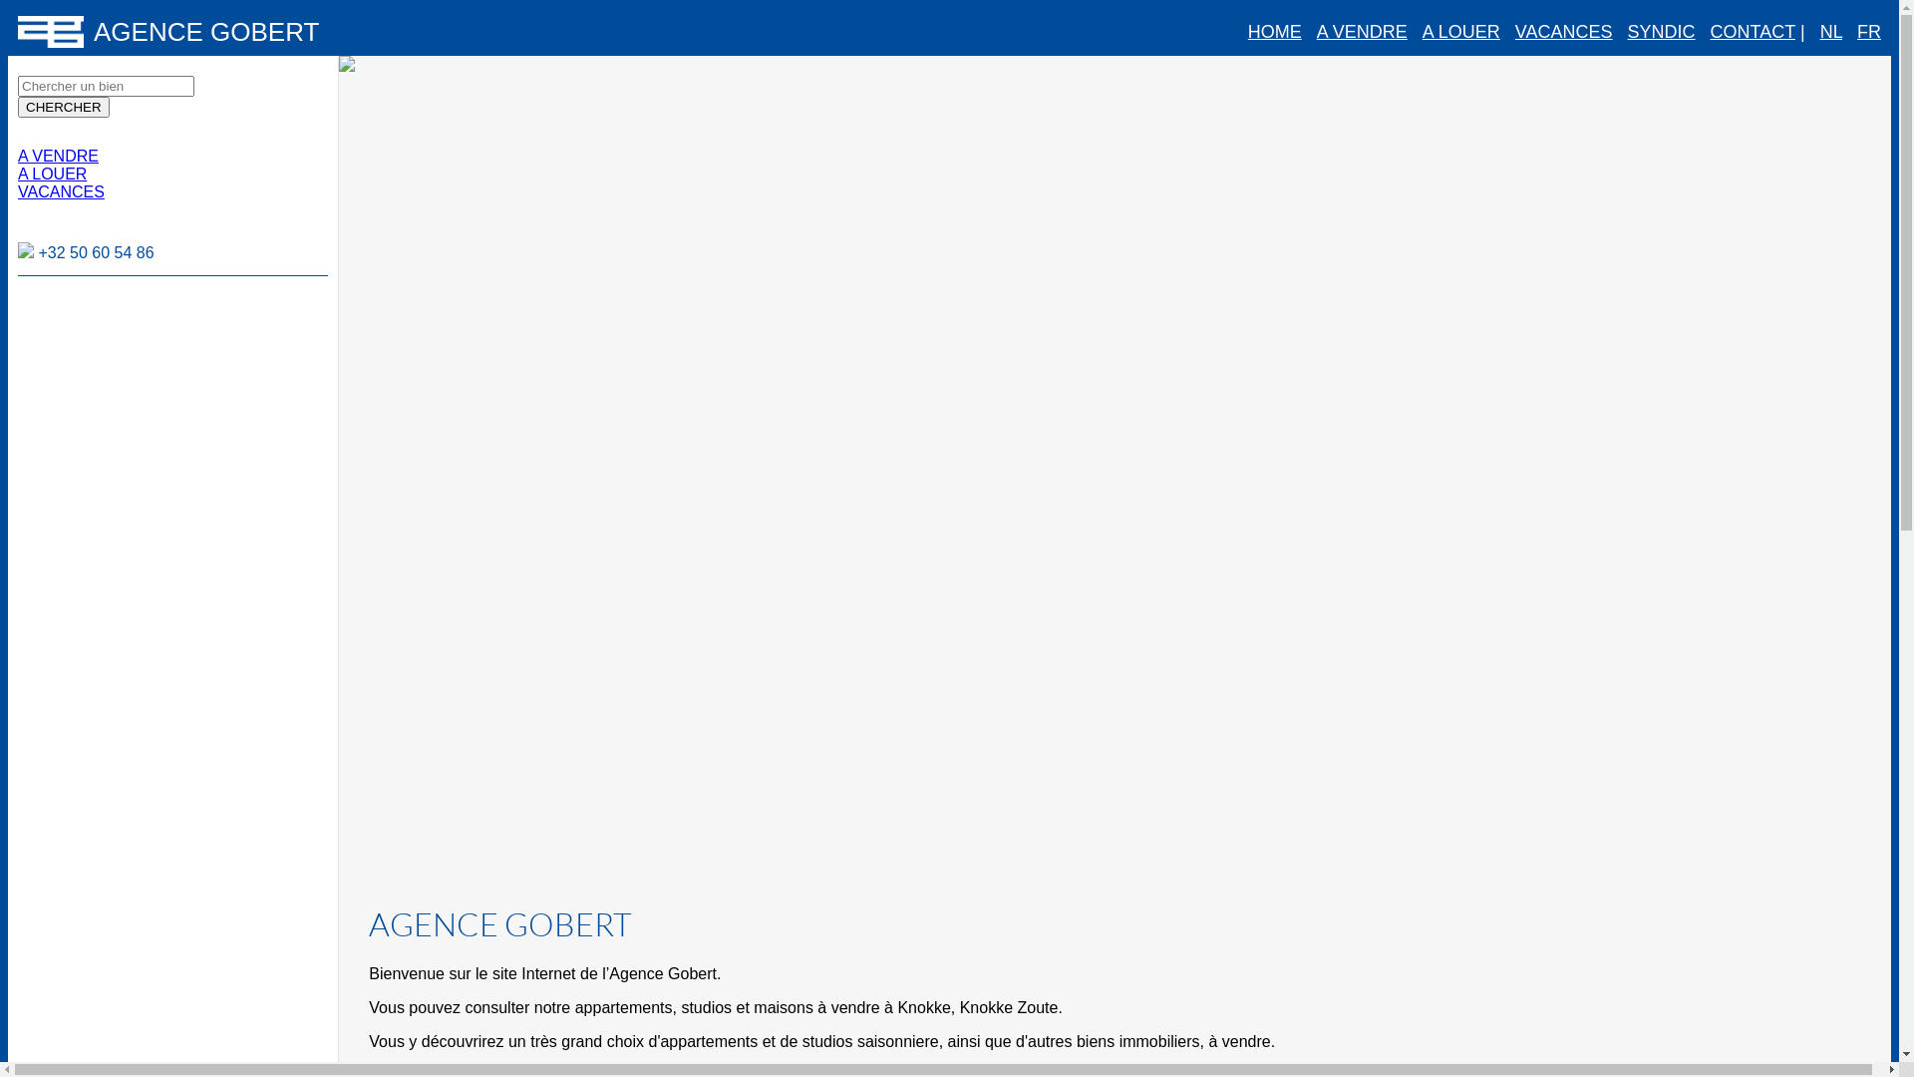  Describe the element at coordinates (1627, 31) in the screenshot. I see `'SYNDIC'` at that location.